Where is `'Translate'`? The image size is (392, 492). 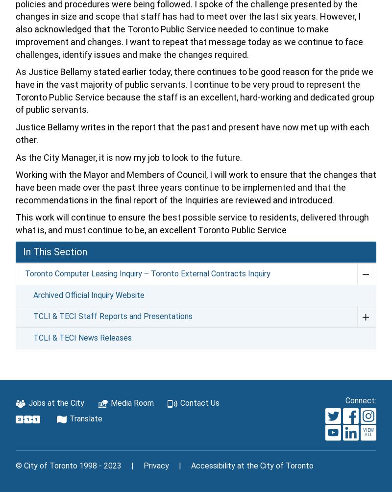
'Translate' is located at coordinates (85, 418).